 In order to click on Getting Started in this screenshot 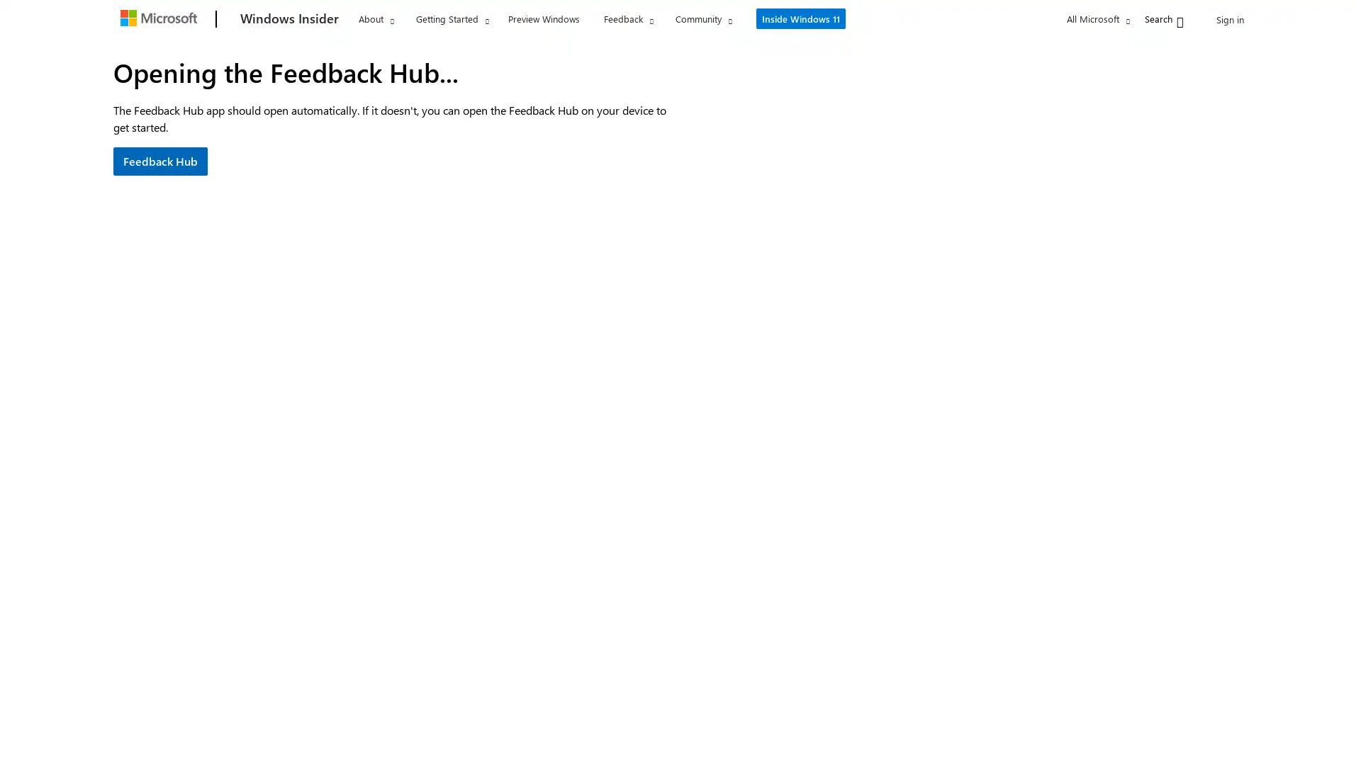, I will do `click(452, 19)`.